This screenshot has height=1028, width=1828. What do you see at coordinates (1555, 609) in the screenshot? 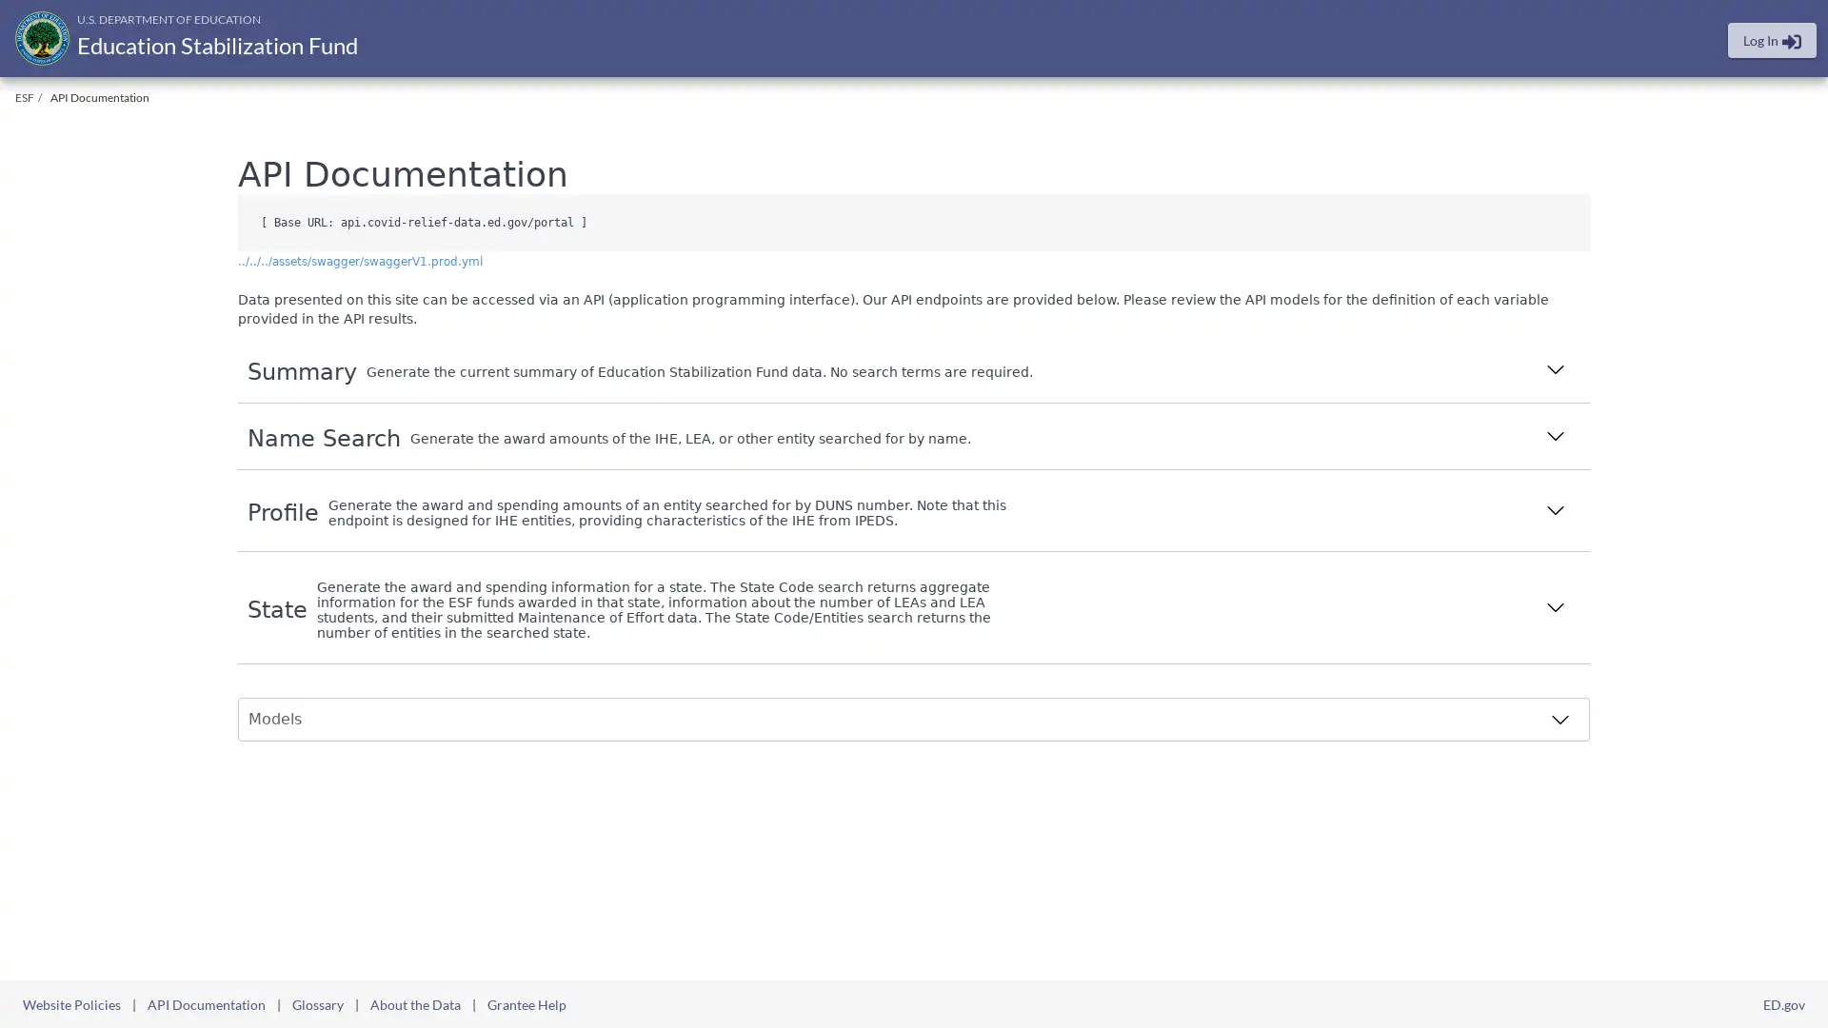
I see `Expand operation` at bounding box center [1555, 609].